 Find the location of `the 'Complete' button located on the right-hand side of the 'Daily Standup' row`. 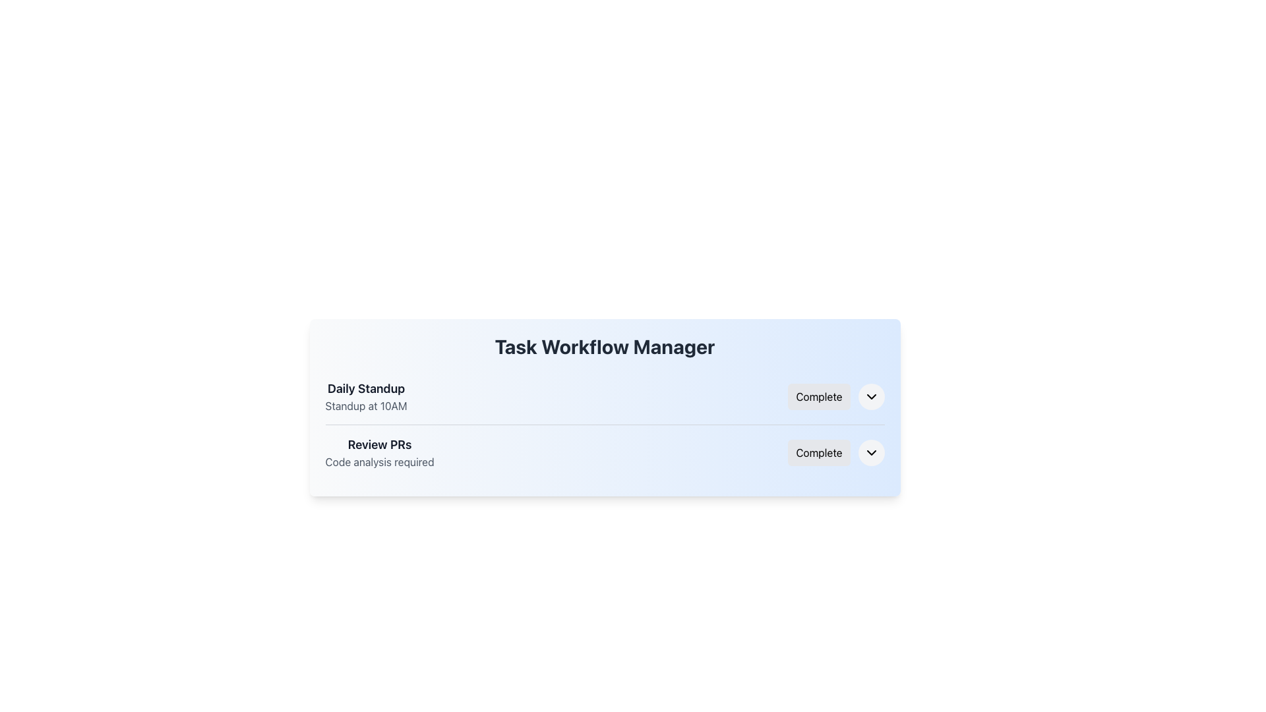

the 'Complete' button located on the right-hand side of the 'Daily Standup' row is located at coordinates (818, 396).